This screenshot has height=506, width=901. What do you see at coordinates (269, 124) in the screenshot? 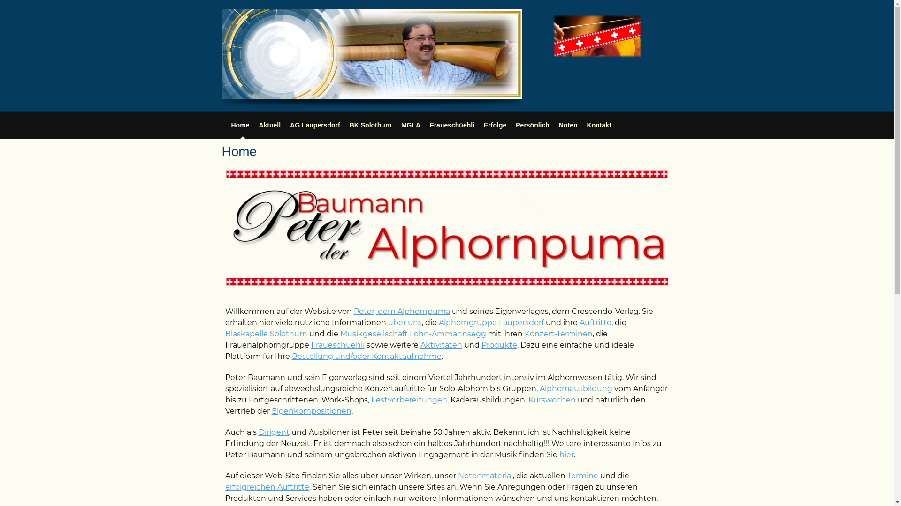
I see `'Aktuell'` at bounding box center [269, 124].